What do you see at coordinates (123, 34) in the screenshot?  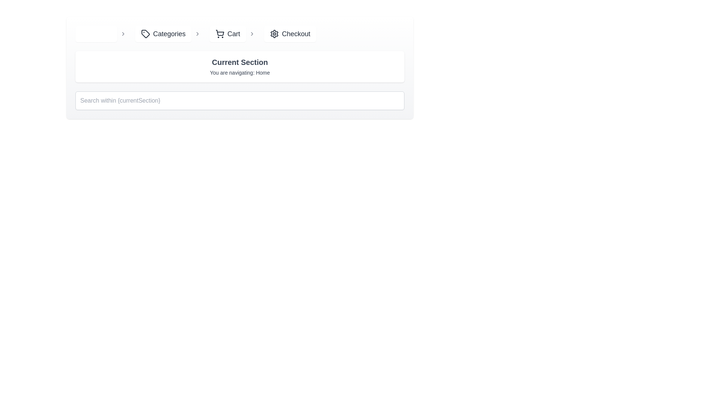 I see `significance of the right-chevron icon, which is dark gray and serves as a navigation indicator located to the right of the 'Home' text in the breadcrumb navigation bar` at bounding box center [123, 34].